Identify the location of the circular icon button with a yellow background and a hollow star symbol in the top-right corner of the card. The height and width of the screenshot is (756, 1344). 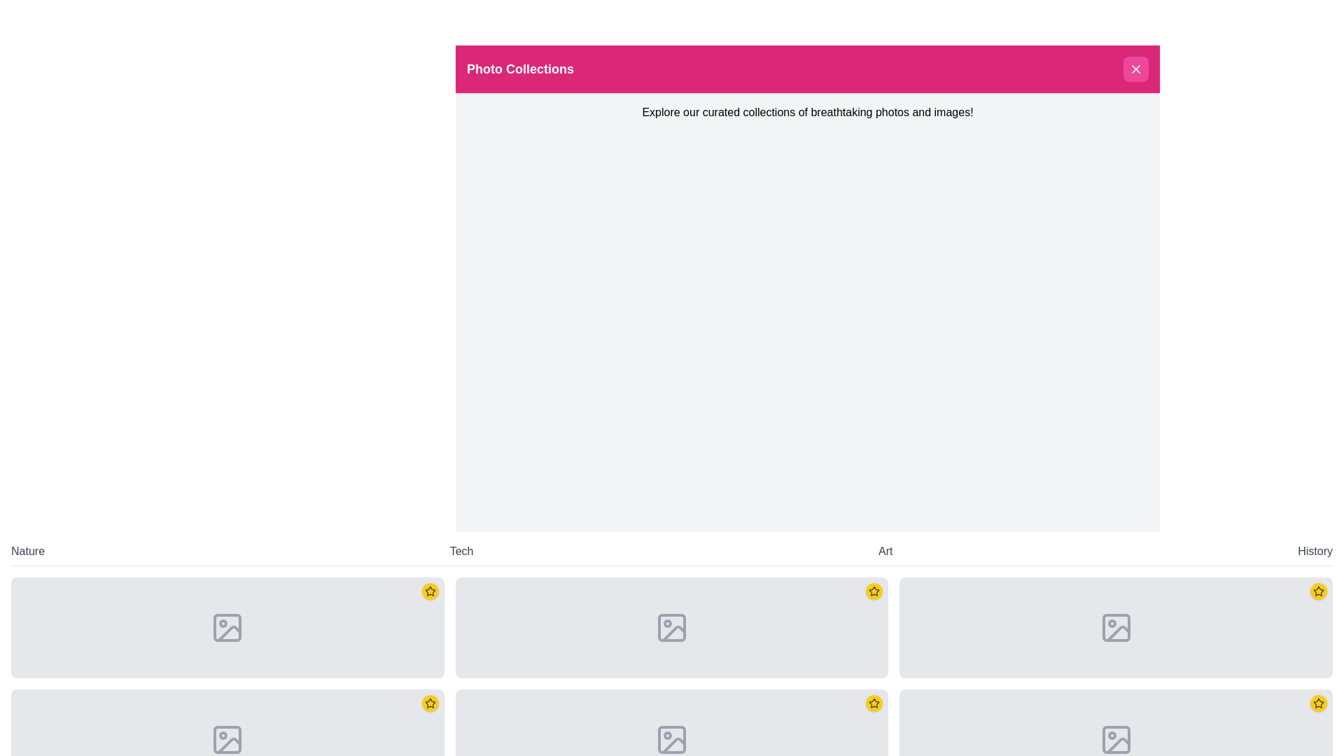
(429, 591).